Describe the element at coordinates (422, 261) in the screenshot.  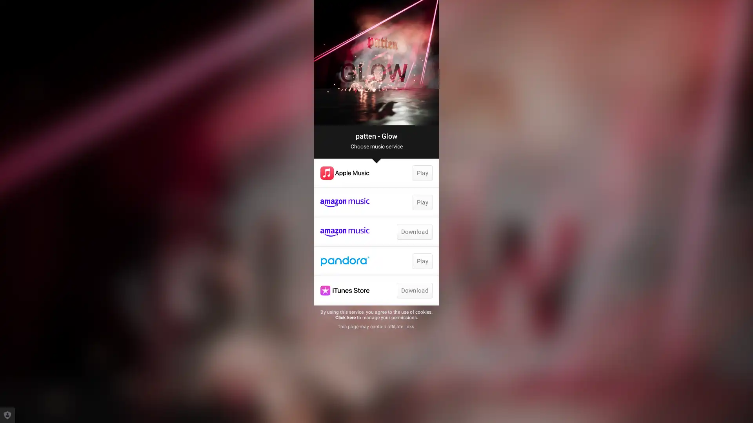
I see `Play` at that location.